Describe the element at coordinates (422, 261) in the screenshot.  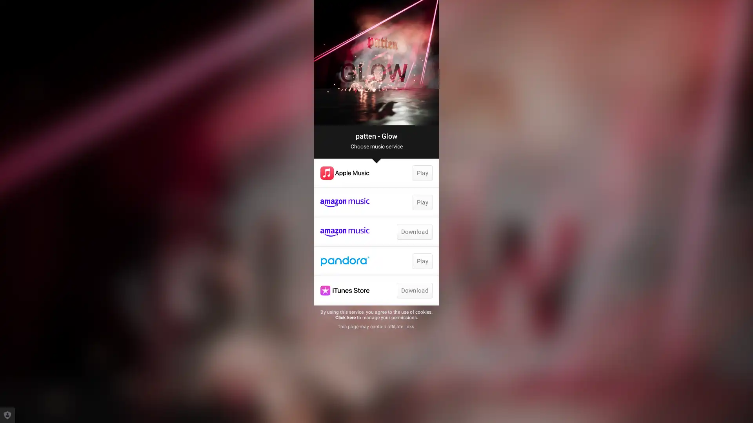
I see `Play` at that location.